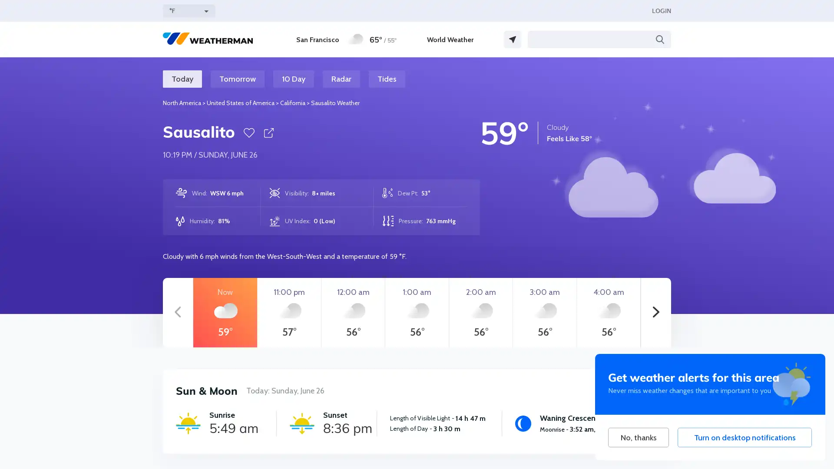 The width and height of the screenshot is (834, 469). Describe the element at coordinates (248, 132) in the screenshot. I see `Favorite` at that location.